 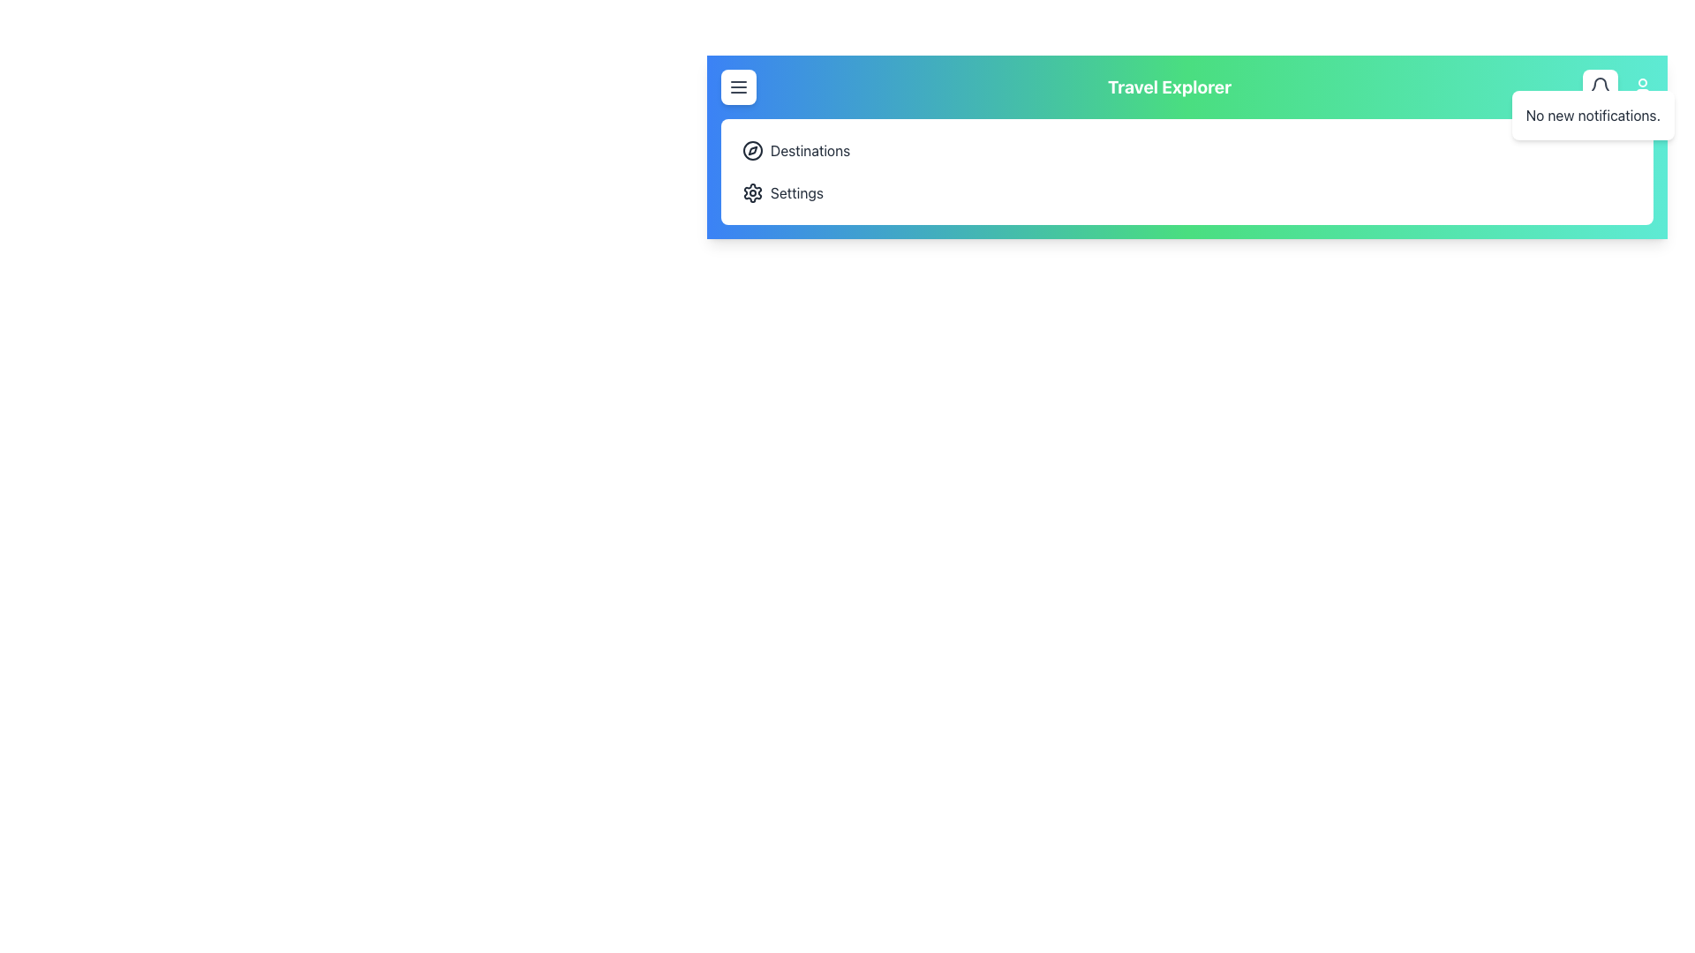 What do you see at coordinates (1593, 116) in the screenshot?
I see `notification text label indicating that there are currently no new notifications, located in the top section of the interface near the user profile icon` at bounding box center [1593, 116].